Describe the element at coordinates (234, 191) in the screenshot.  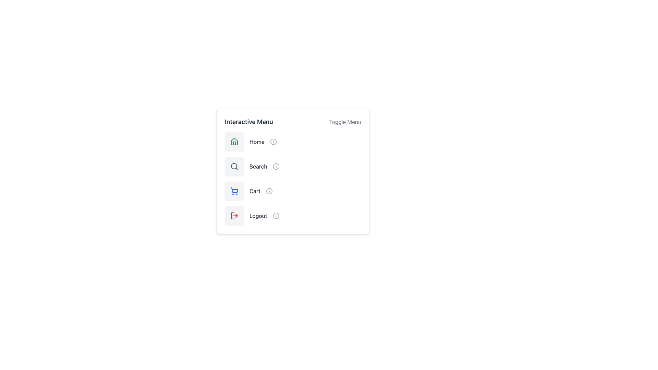
I see `the shopping cart icon, which is the third item in the vertical list of icons in the 'Interactive Menu' card, positioned between the 'Search' and 'Logout' options` at that location.